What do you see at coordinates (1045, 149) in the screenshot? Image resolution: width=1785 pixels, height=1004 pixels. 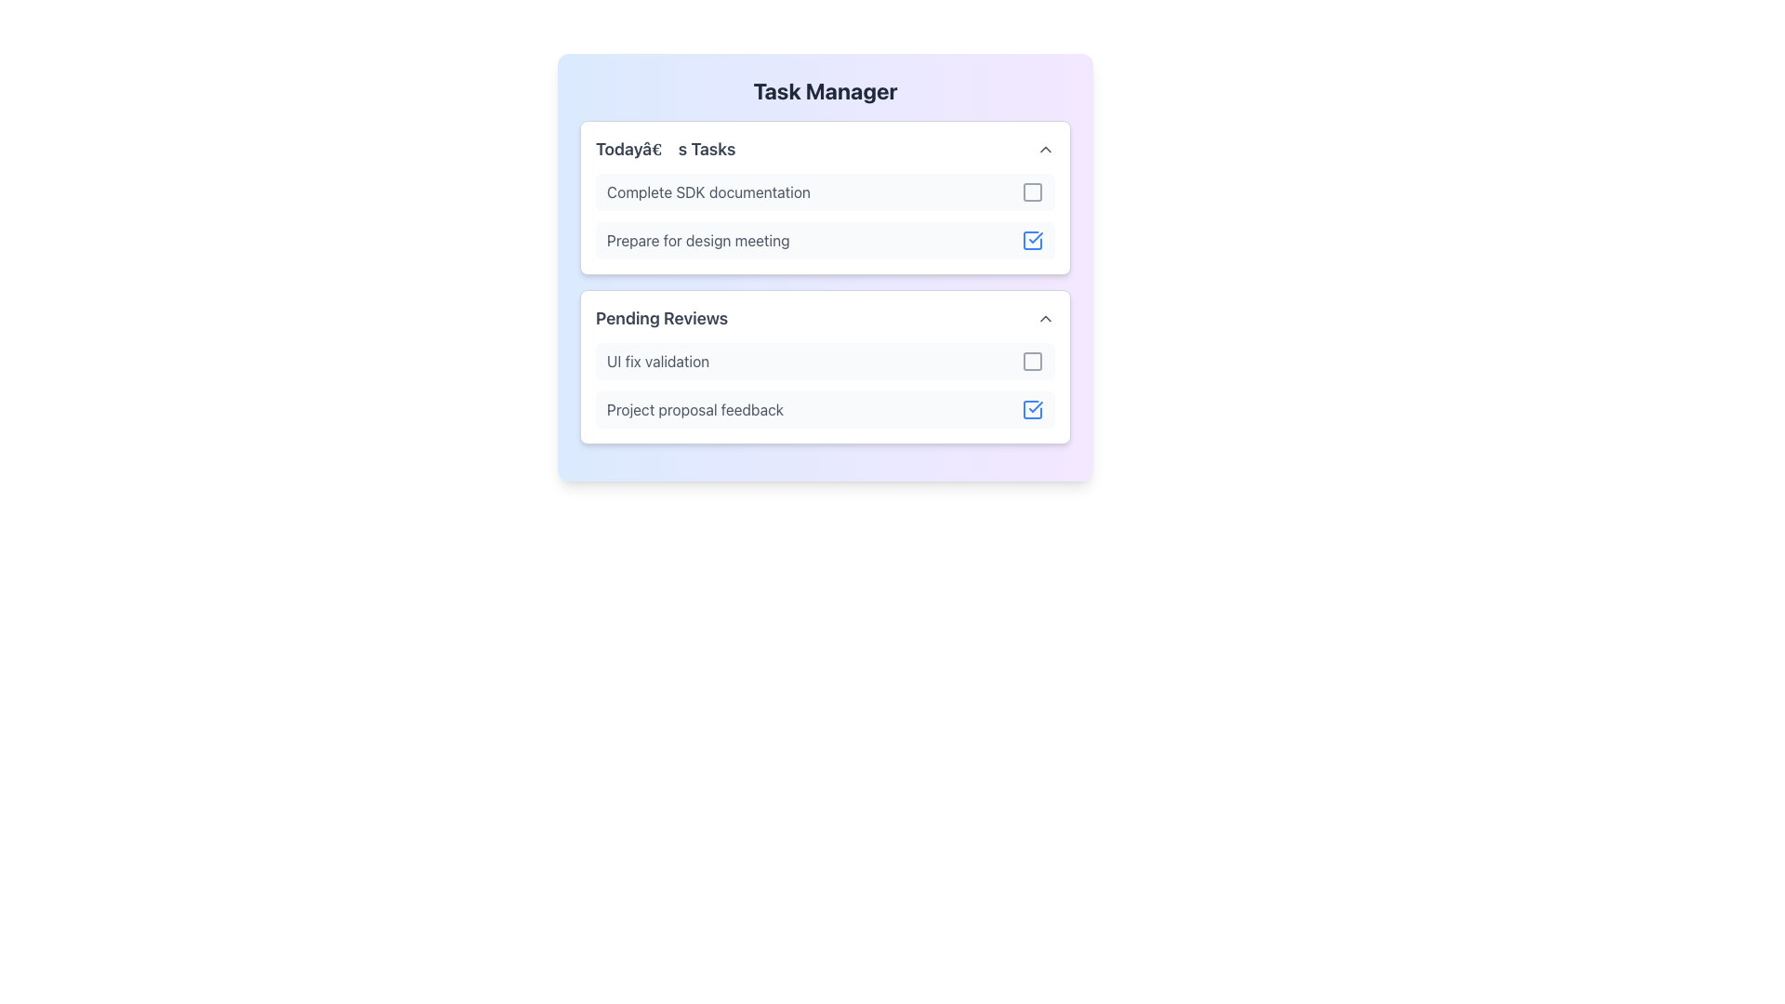 I see `the upward arrow button located in the top-right corner of the 'Today’s Tasks' section` at bounding box center [1045, 149].